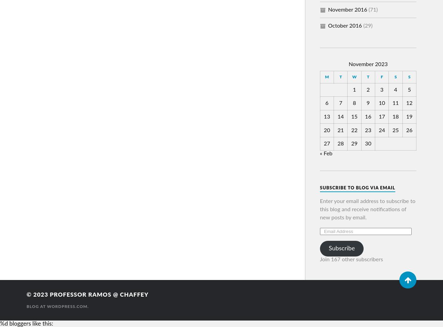 This screenshot has height=327, width=443. Describe the element at coordinates (340, 103) in the screenshot. I see `'7'` at that location.